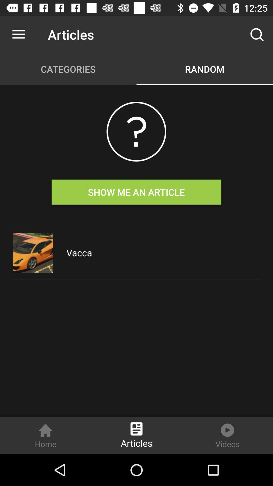  I want to click on the show me an item, so click(136, 192).